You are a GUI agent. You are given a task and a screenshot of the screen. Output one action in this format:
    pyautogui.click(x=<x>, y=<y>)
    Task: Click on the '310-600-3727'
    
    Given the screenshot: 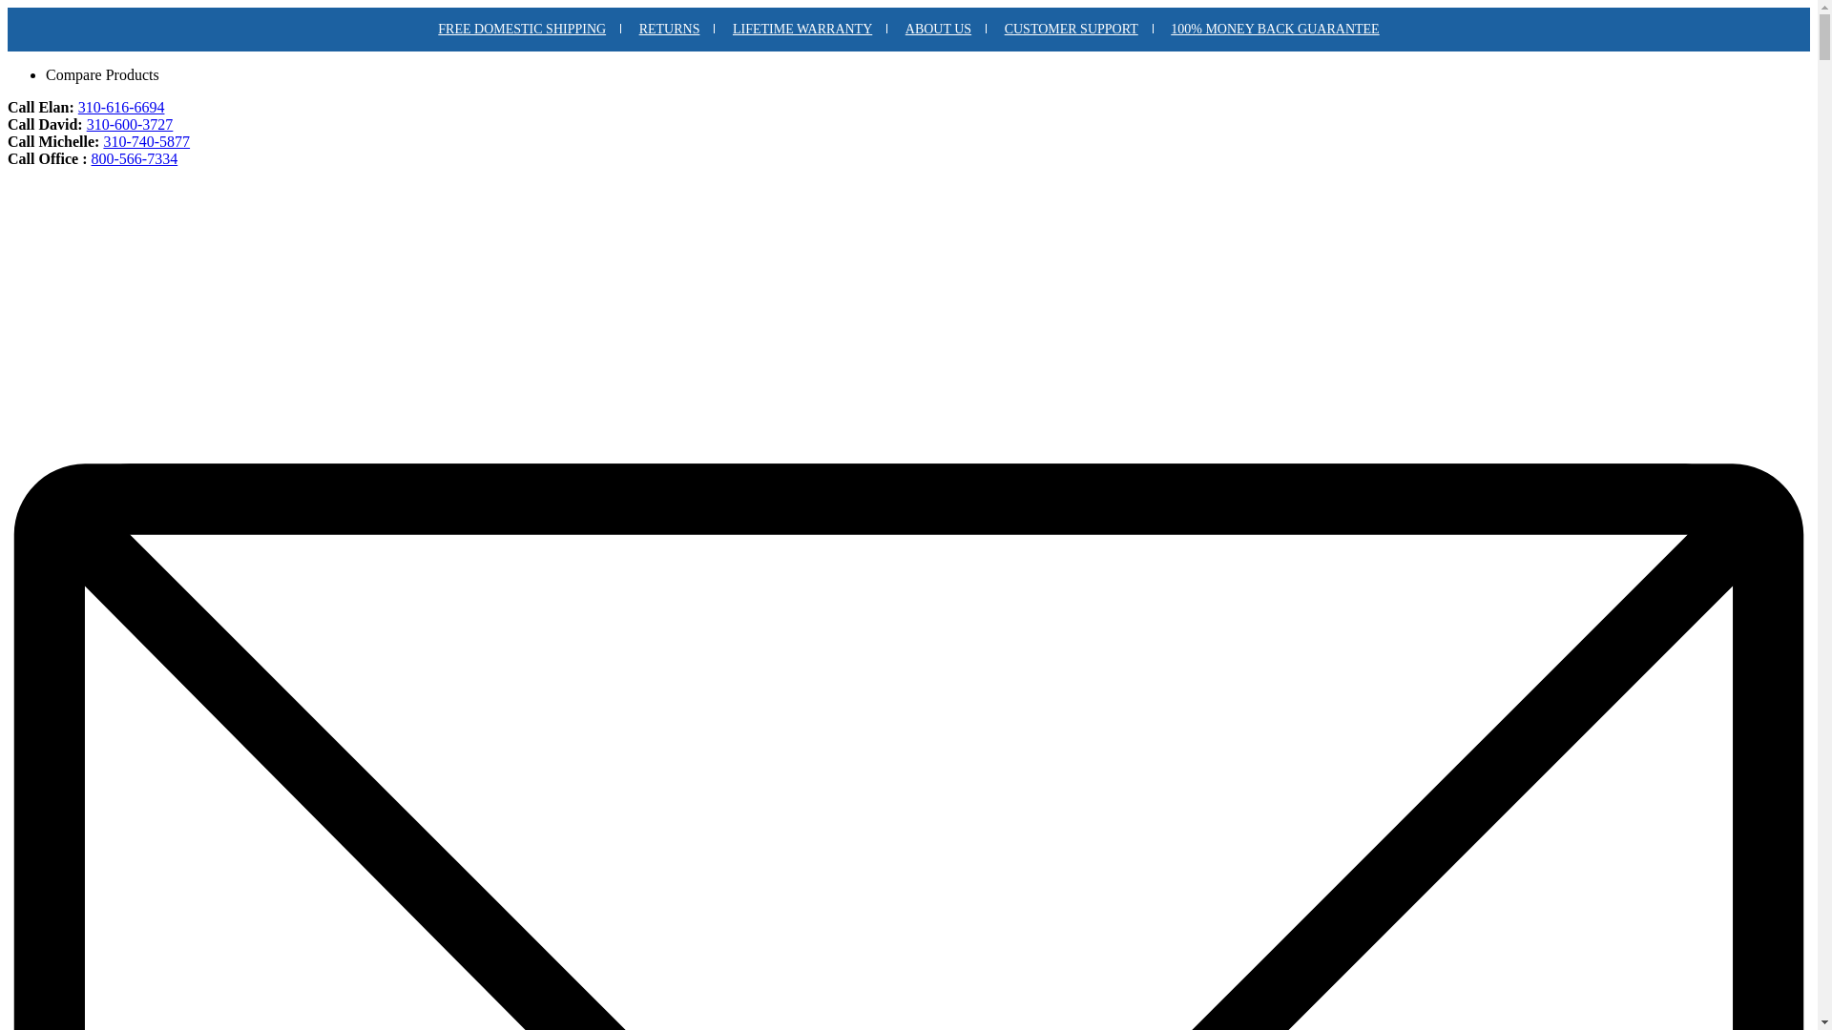 What is the action you would take?
    pyautogui.click(x=129, y=124)
    